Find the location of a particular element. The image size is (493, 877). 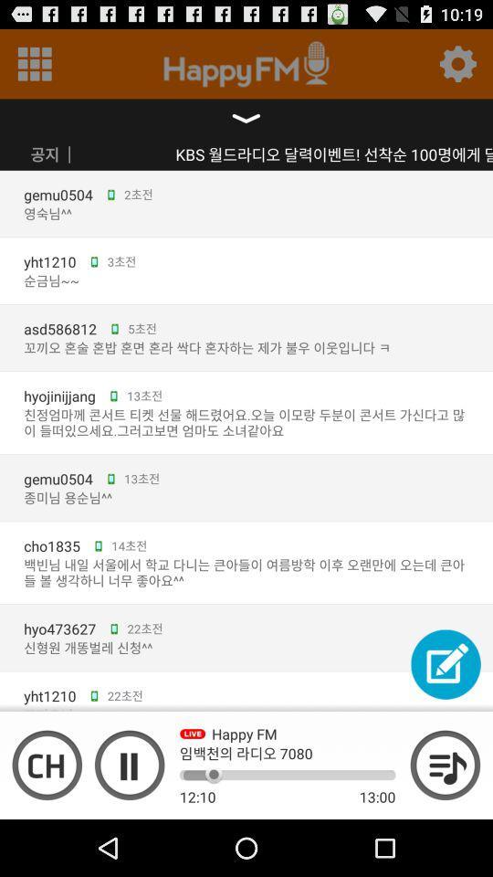

the pause icon is located at coordinates (129, 818).